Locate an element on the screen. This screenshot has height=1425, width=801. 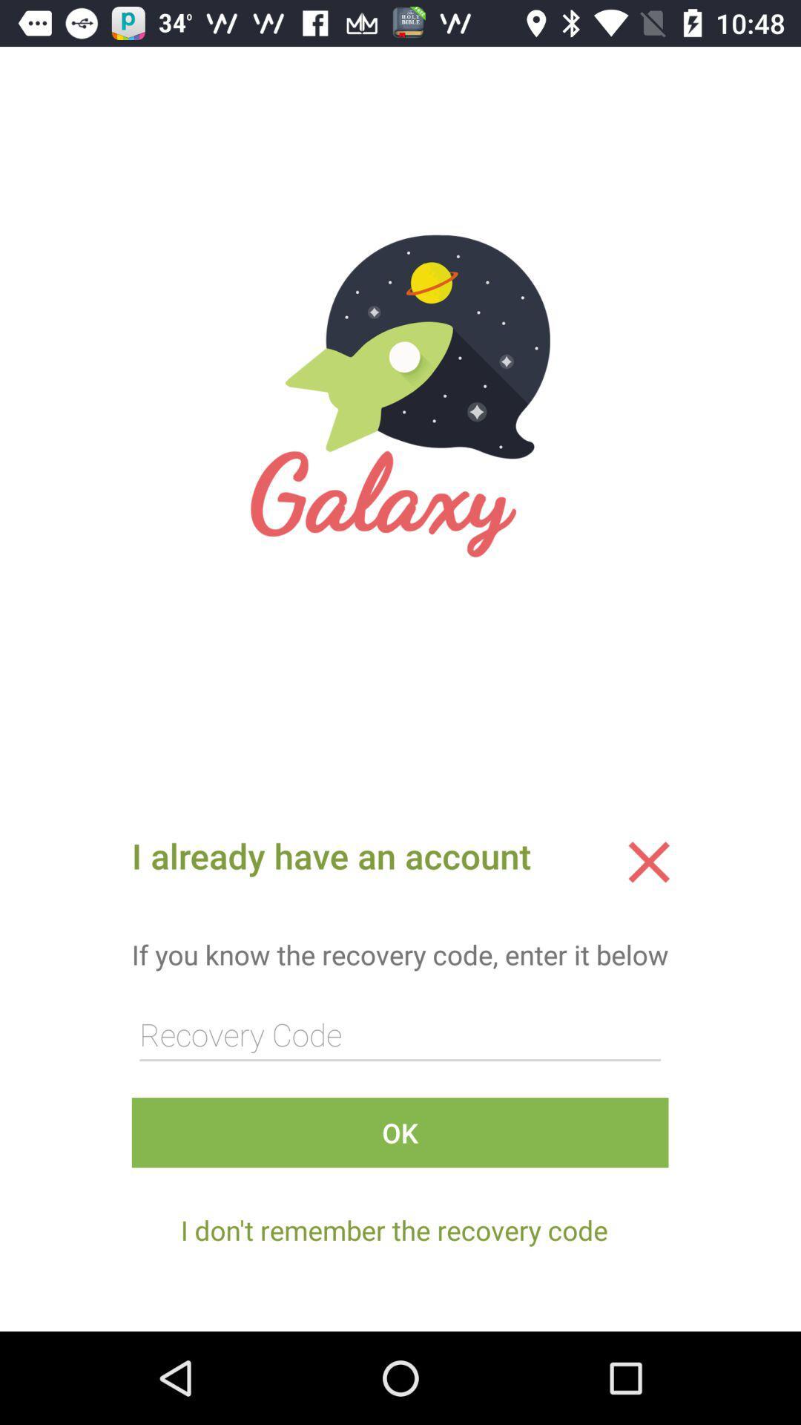
i don t icon is located at coordinates (393, 1230).